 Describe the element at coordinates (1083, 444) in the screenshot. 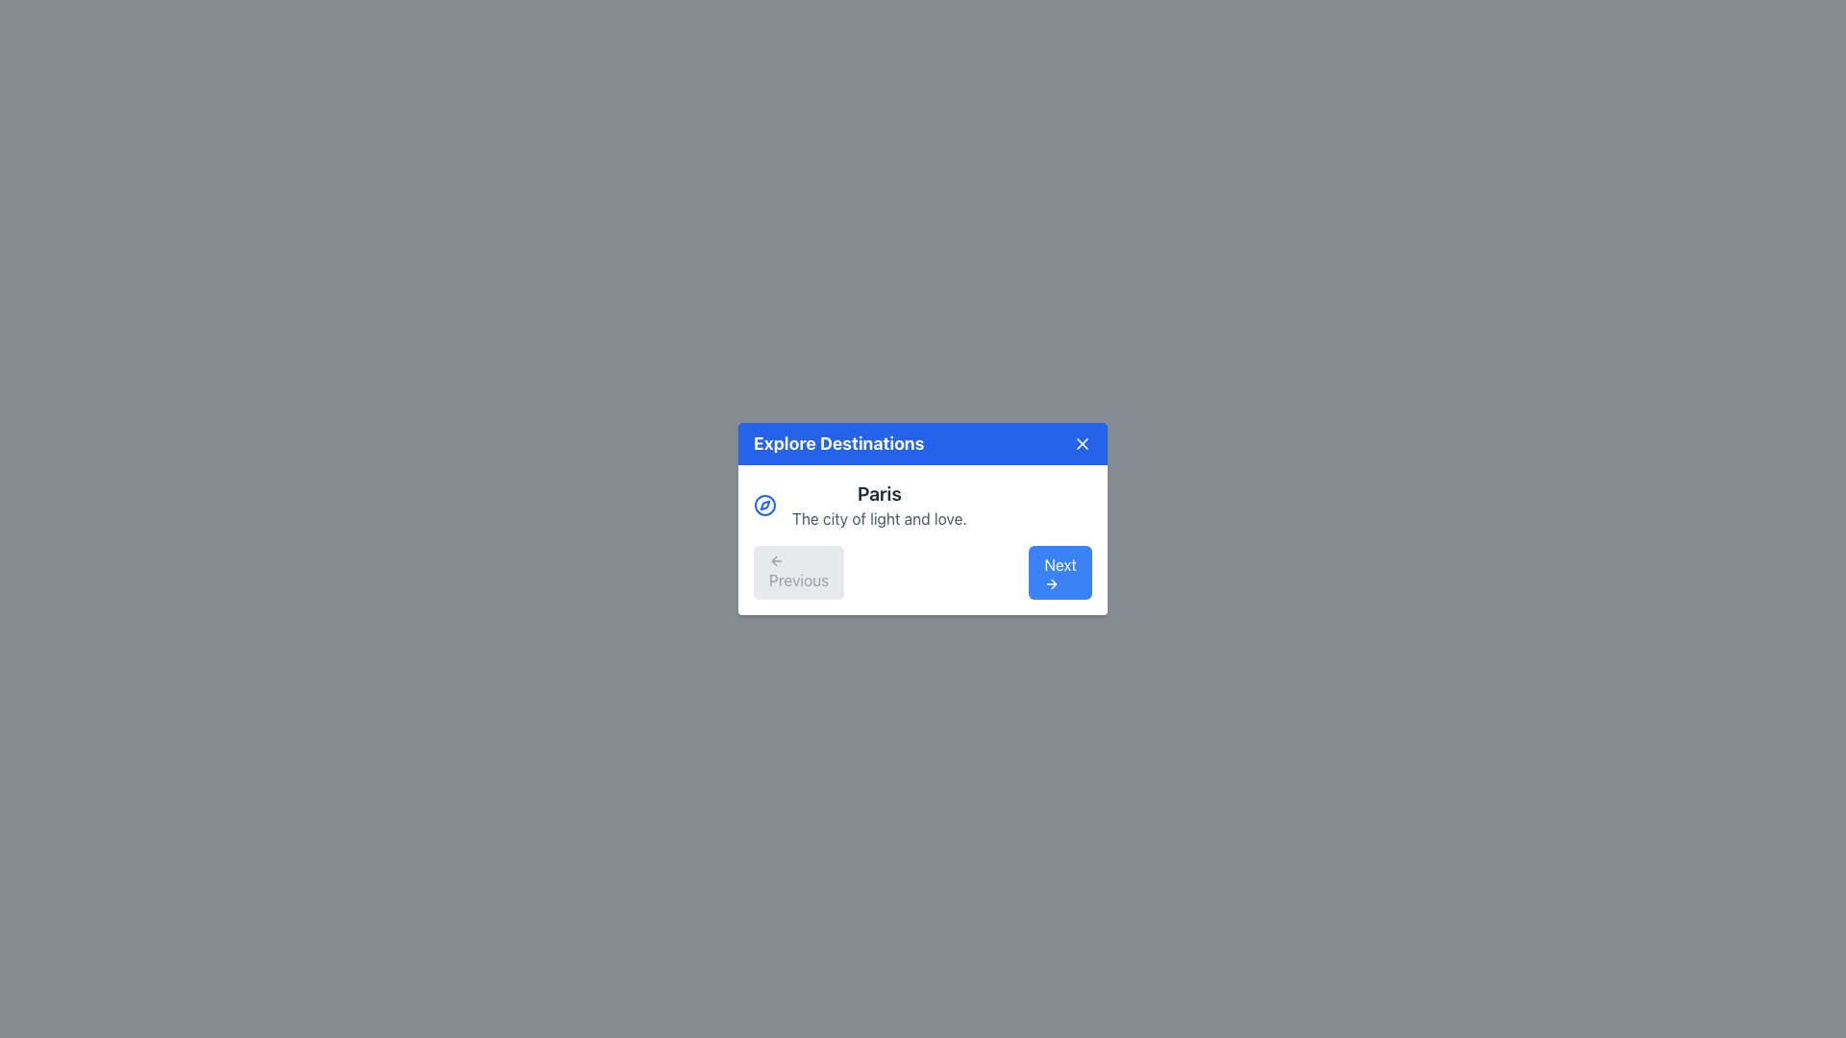

I see `the small red 'X' icon in the top-right corner of the 'Explore Destinations' modal` at that location.